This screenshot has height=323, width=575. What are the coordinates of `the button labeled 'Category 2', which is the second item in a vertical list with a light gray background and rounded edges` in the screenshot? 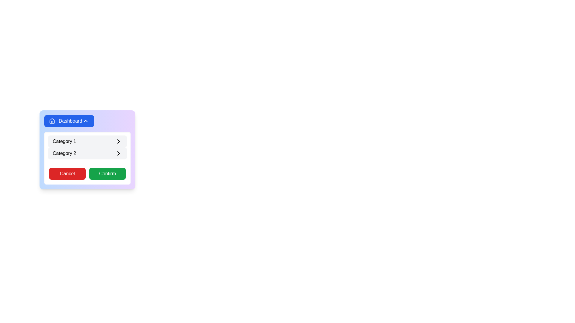 It's located at (87, 153).